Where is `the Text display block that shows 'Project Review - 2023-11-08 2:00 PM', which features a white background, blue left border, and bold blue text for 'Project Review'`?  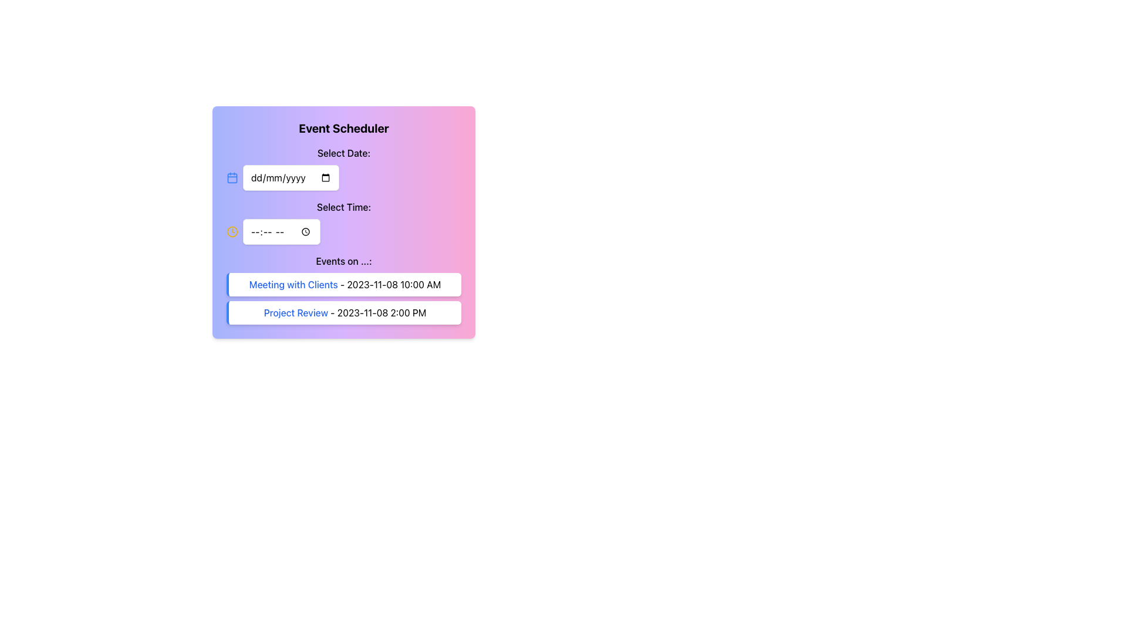
the Text display block that shows 'Project Review - 2023-11-08 2:00 PM', which features a white background, blue left border, and bold blue text for 'Project Review' is located at coordinates (343, 312).